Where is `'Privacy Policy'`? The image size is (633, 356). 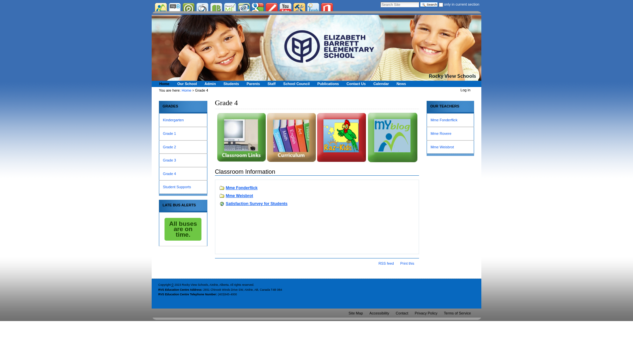 'Privacy Policy' is located at coordinates (414, 312).